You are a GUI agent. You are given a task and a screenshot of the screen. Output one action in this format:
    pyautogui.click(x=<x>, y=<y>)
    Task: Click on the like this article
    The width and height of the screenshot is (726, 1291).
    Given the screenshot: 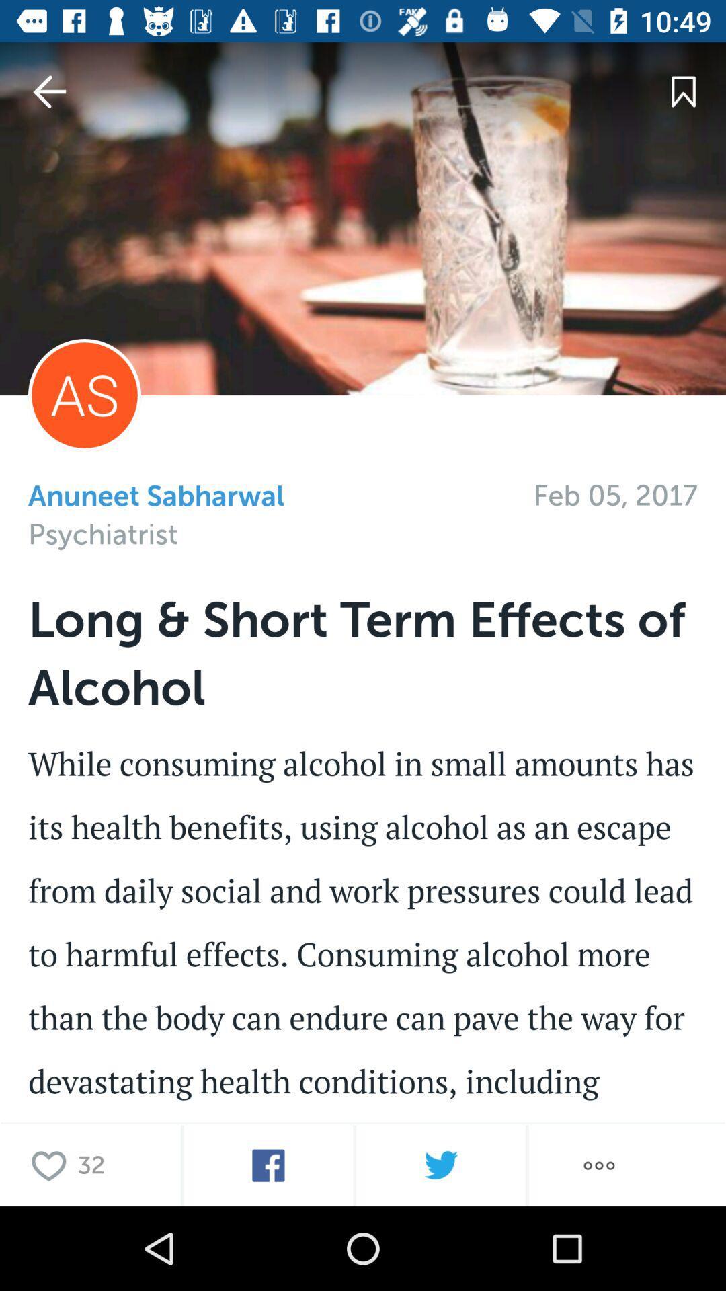 What is the action you would take?
    pyautogui.click(x=52, y=1165)
    